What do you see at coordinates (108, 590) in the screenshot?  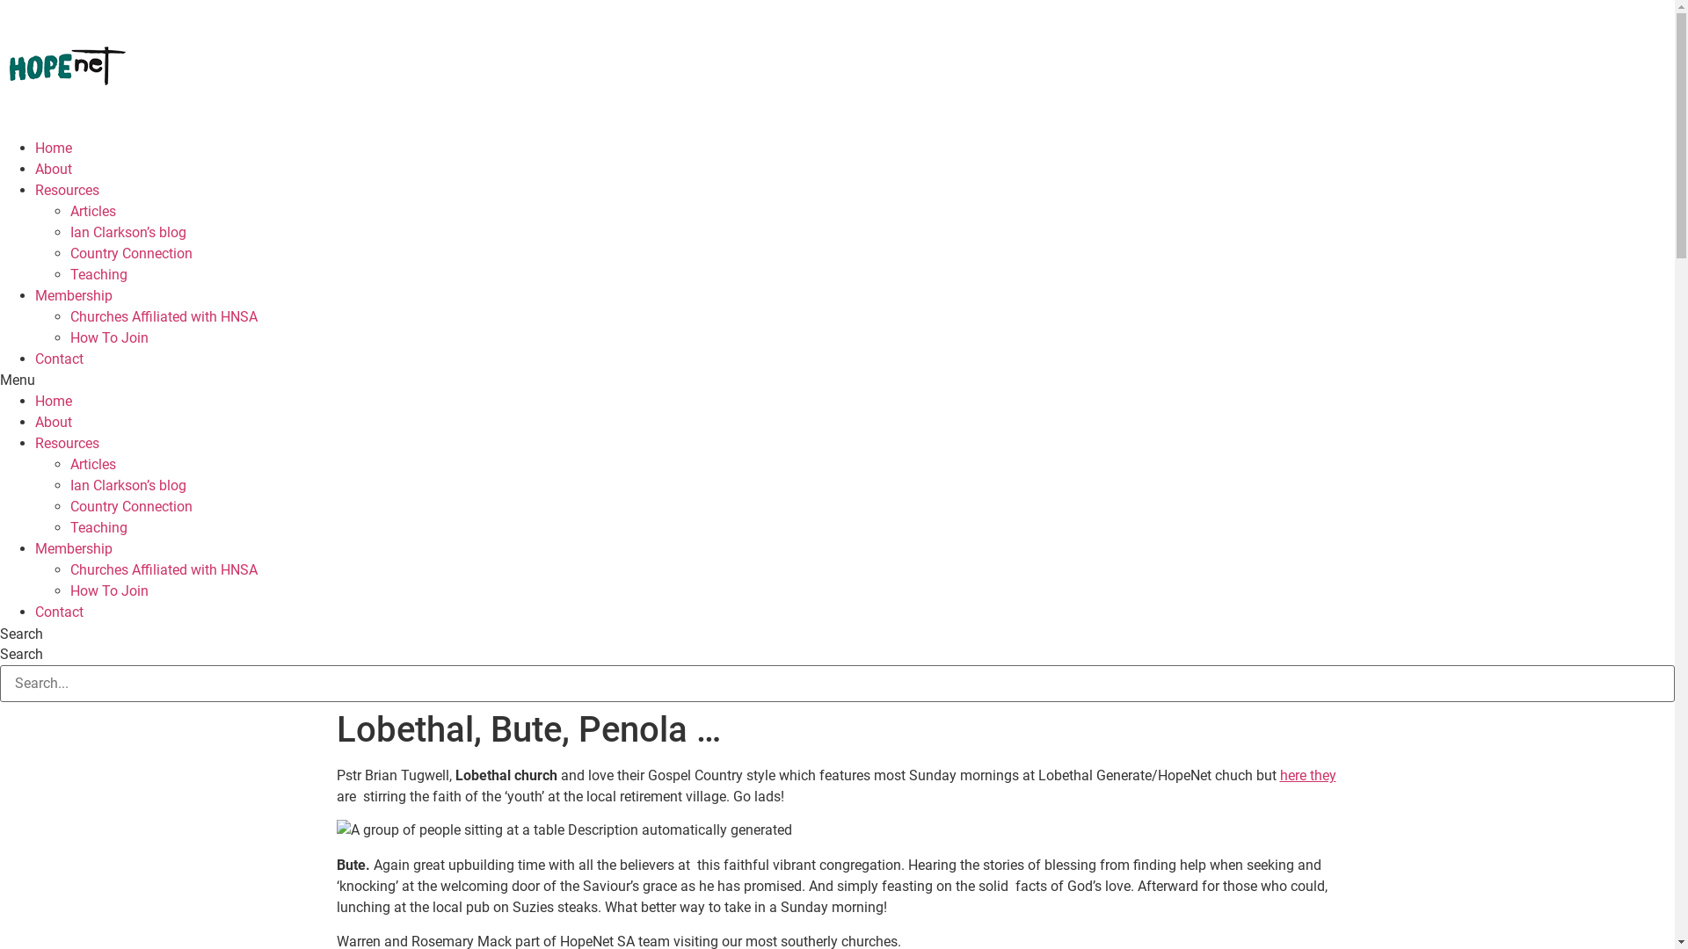 I see `'How To Join'` at bounding box center [108, 590].